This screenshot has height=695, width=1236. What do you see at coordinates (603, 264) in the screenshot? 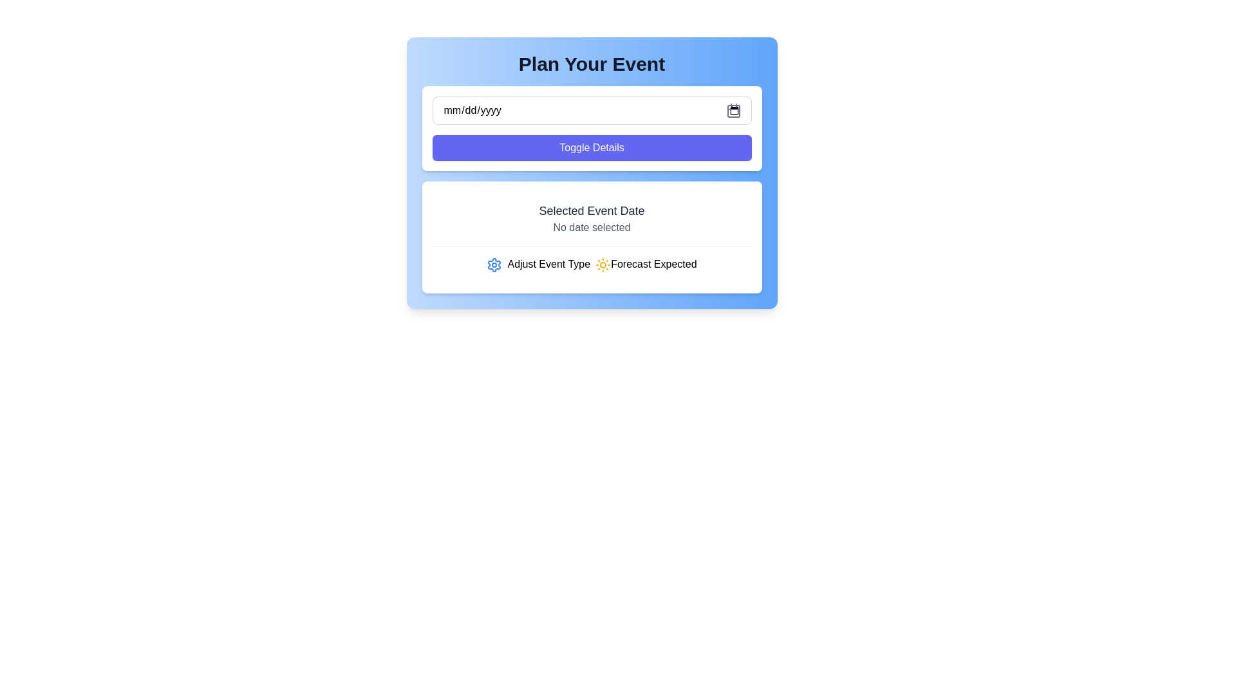
I see `the sun icon, which is the third icon in the 'Adjust Event Type Forecast Expected' section, located to the right of the blue gear icon` at bounding box center [603, 264].